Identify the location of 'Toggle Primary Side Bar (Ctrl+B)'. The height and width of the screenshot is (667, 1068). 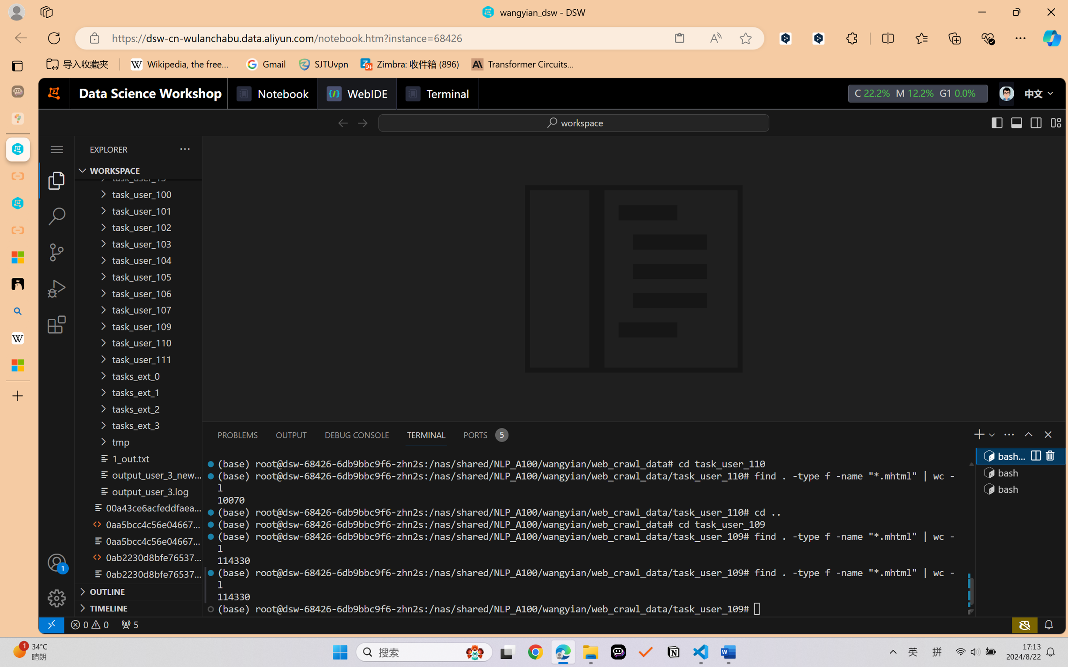
(996, 122).